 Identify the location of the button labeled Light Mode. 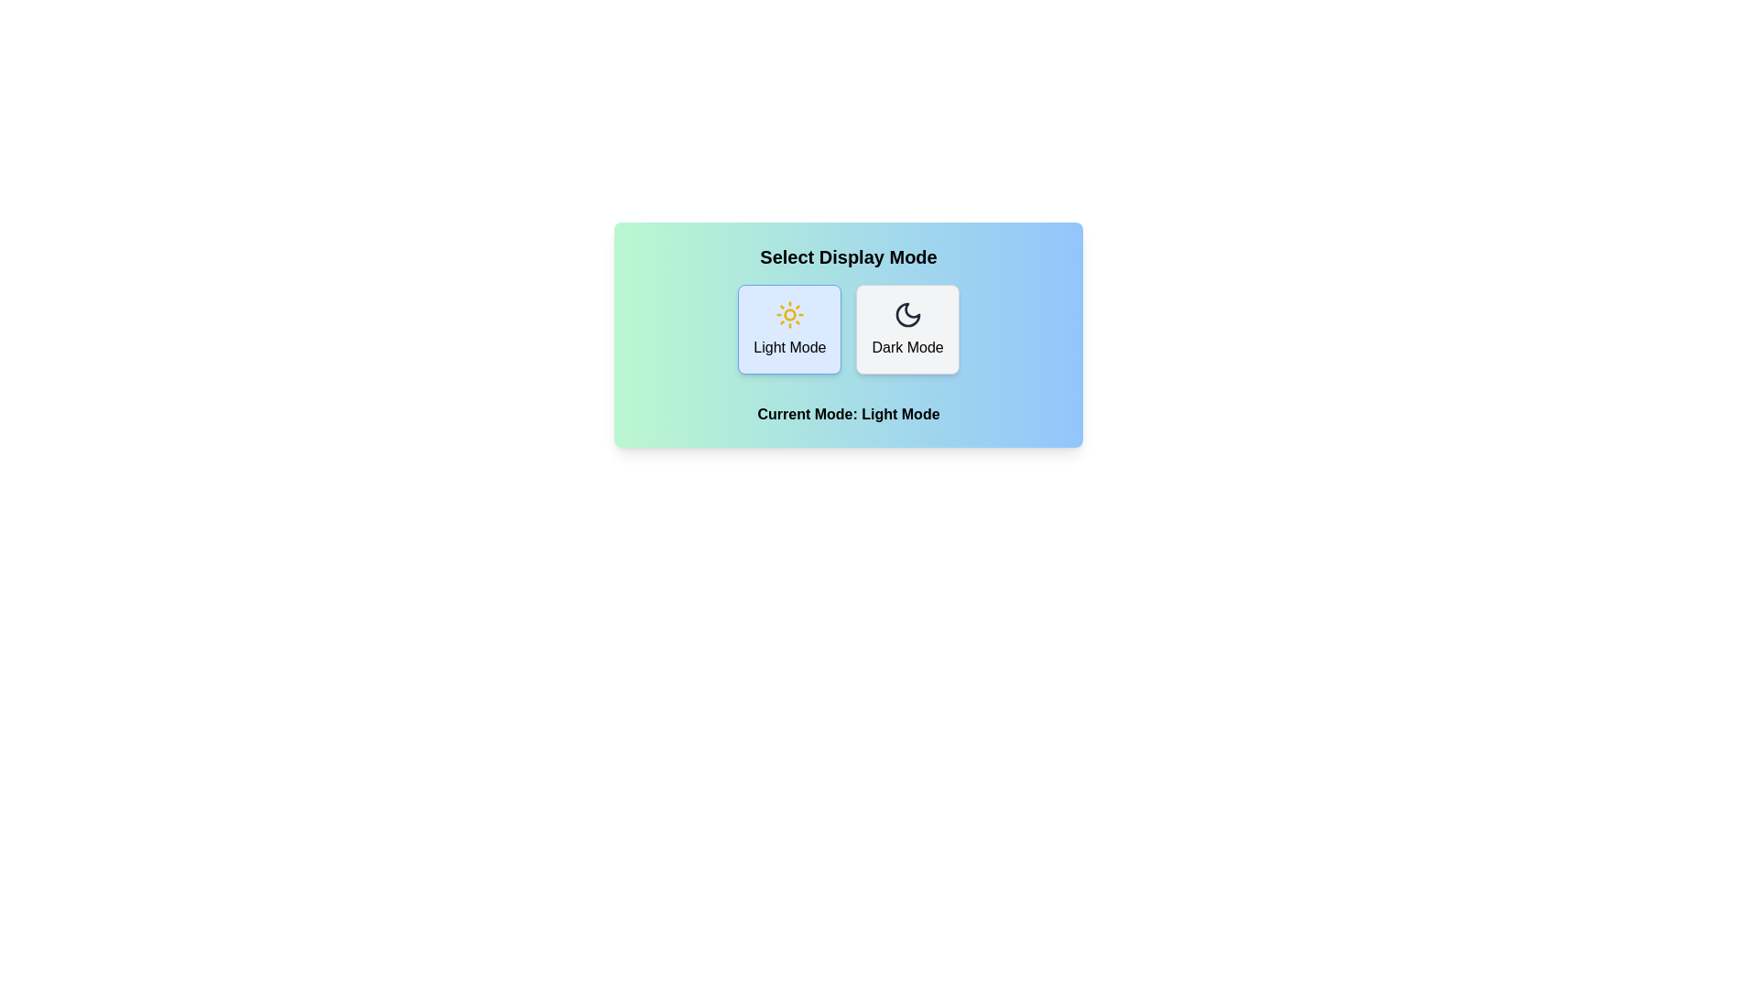
(789, 328).